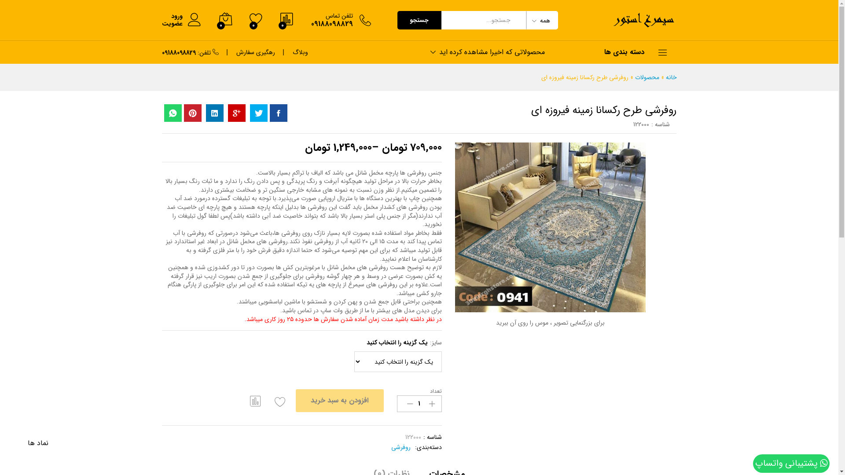  What do you see at coordinates (287, 20) in the screenshot?
I see `'0'` at bounding box center [287, 20].